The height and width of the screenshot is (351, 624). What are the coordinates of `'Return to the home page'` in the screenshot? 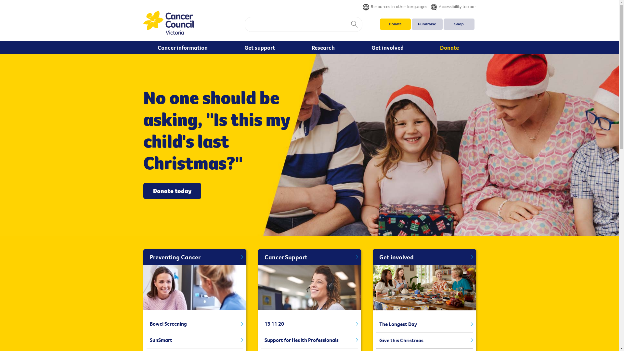 It's located at (168, 23).